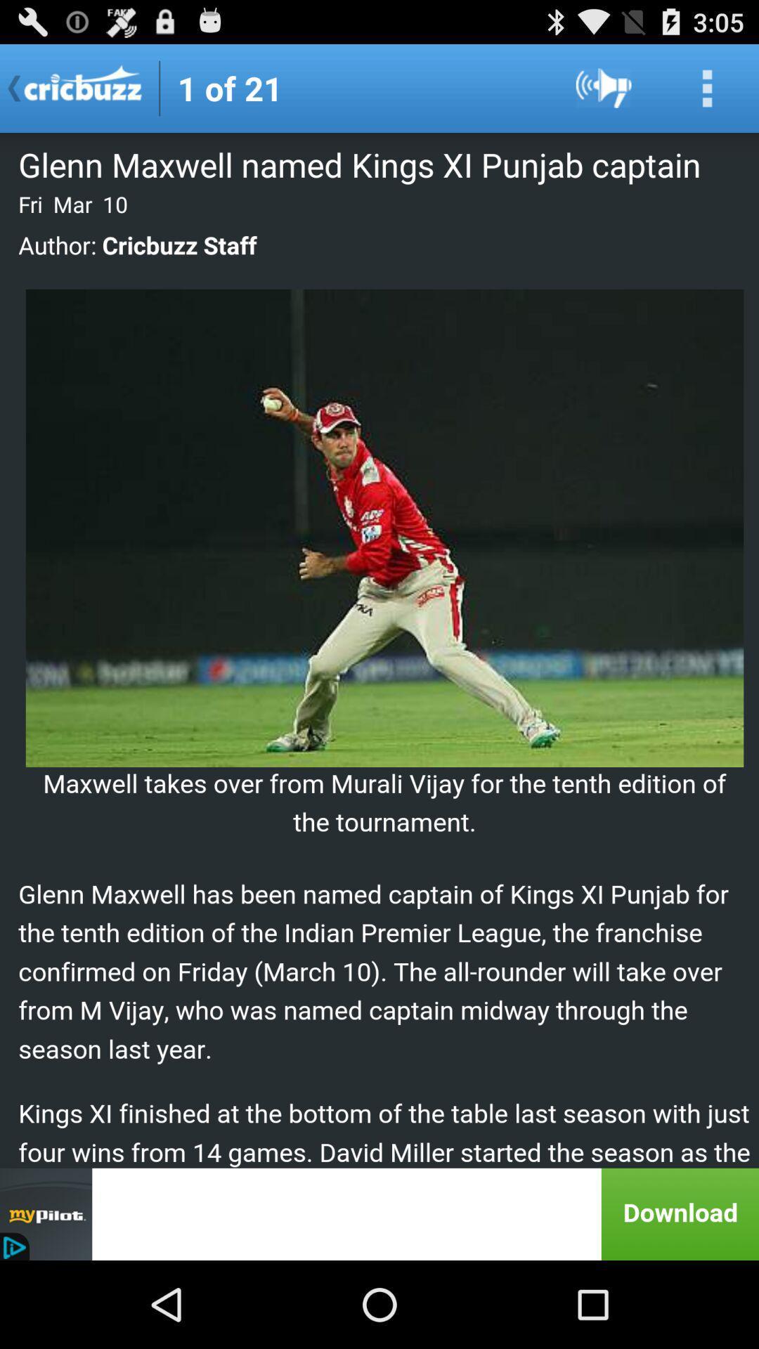 The width and height of the screenshot is (759, 1349). I want to click on details about advertisement, so click(379, 1213).